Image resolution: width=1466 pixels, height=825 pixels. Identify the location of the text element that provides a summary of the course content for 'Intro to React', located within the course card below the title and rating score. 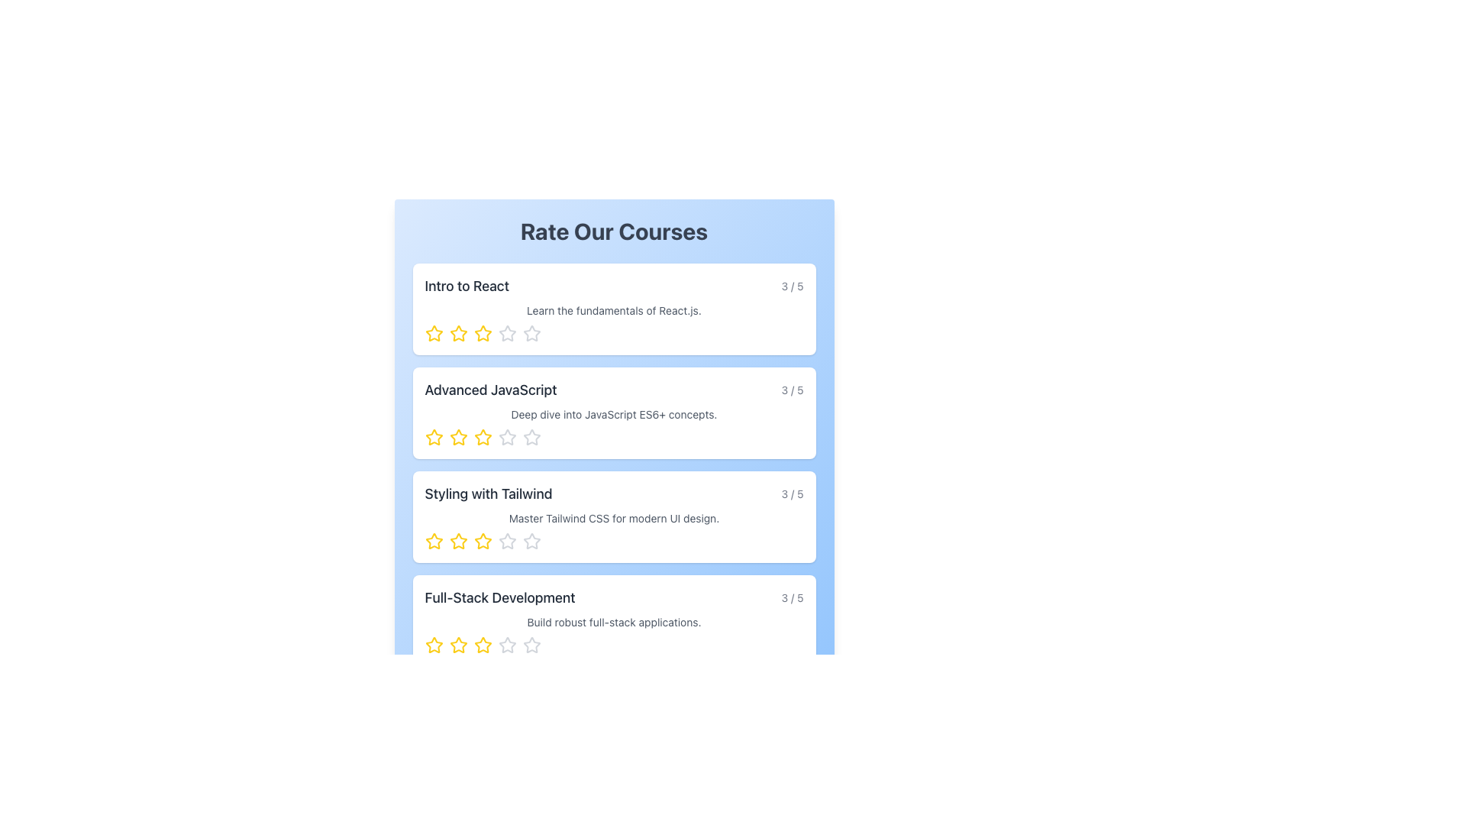
(614, 310).